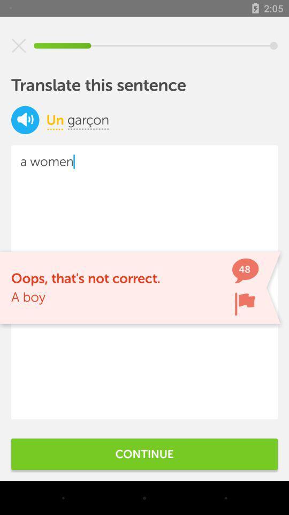 This screenshot has width=289, height=515. What do you see at coordinates (25, 120) in the screenshot?
I see `mutes the sound` at bounding box center [25, 120].